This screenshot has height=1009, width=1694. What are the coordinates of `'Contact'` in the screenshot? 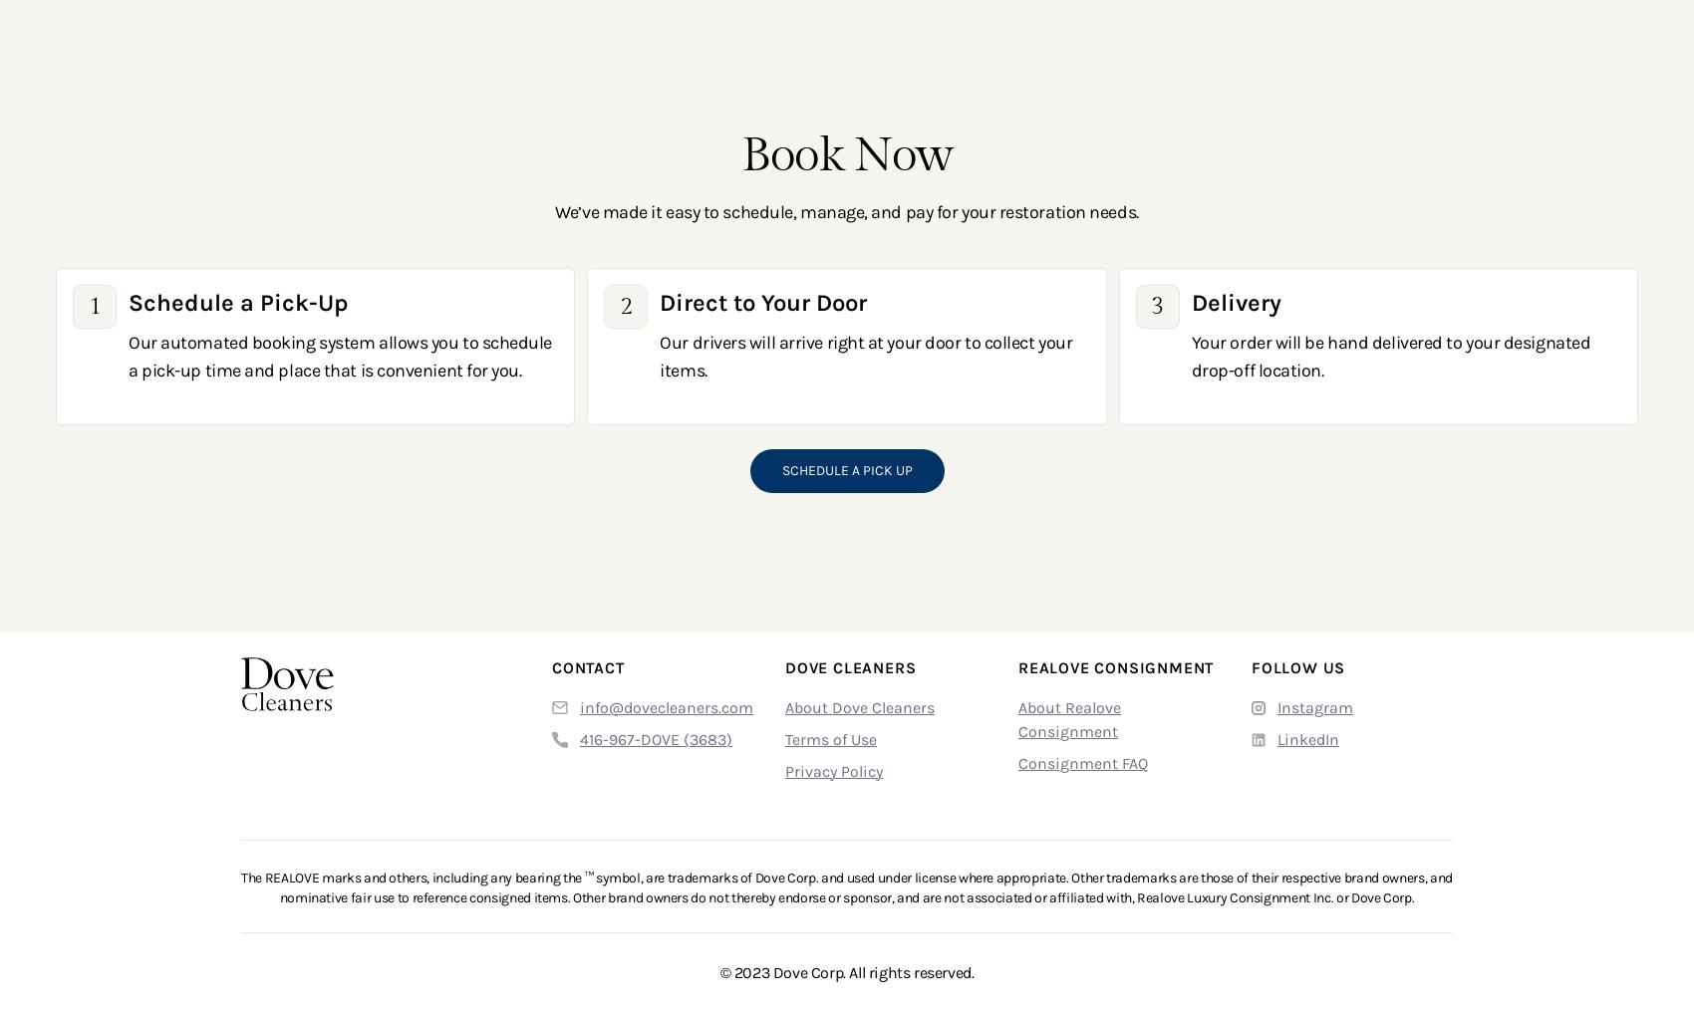 It's located at (587, 665).